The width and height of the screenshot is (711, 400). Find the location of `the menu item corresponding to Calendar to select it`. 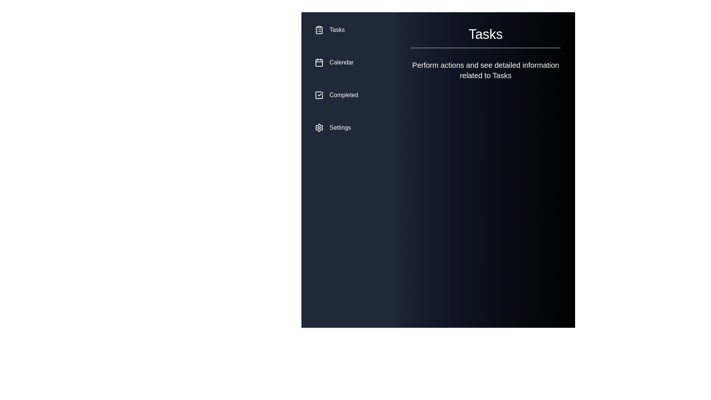

the menu item corresponding to Calendar to select it is located at coordinates (348, 62).